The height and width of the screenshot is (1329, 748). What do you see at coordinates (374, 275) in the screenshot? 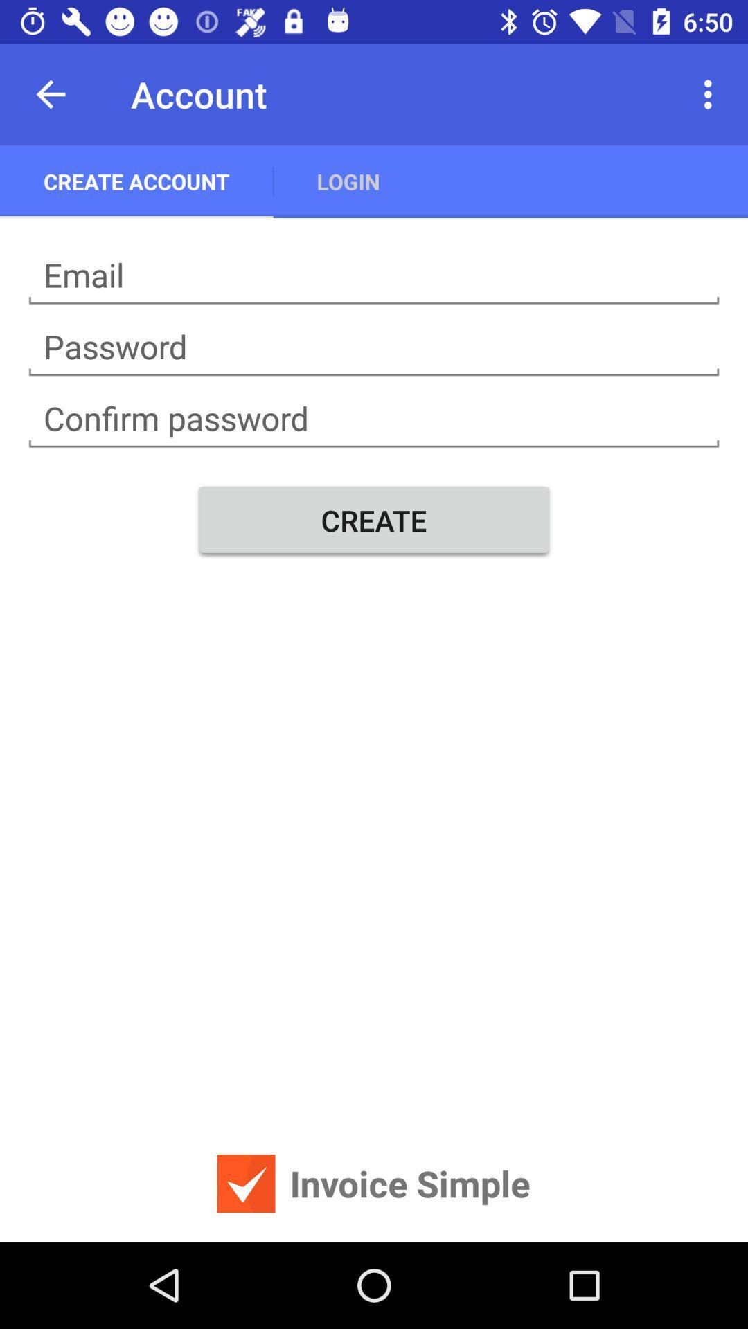
I see `the email box` at bounding box center [374, 275].